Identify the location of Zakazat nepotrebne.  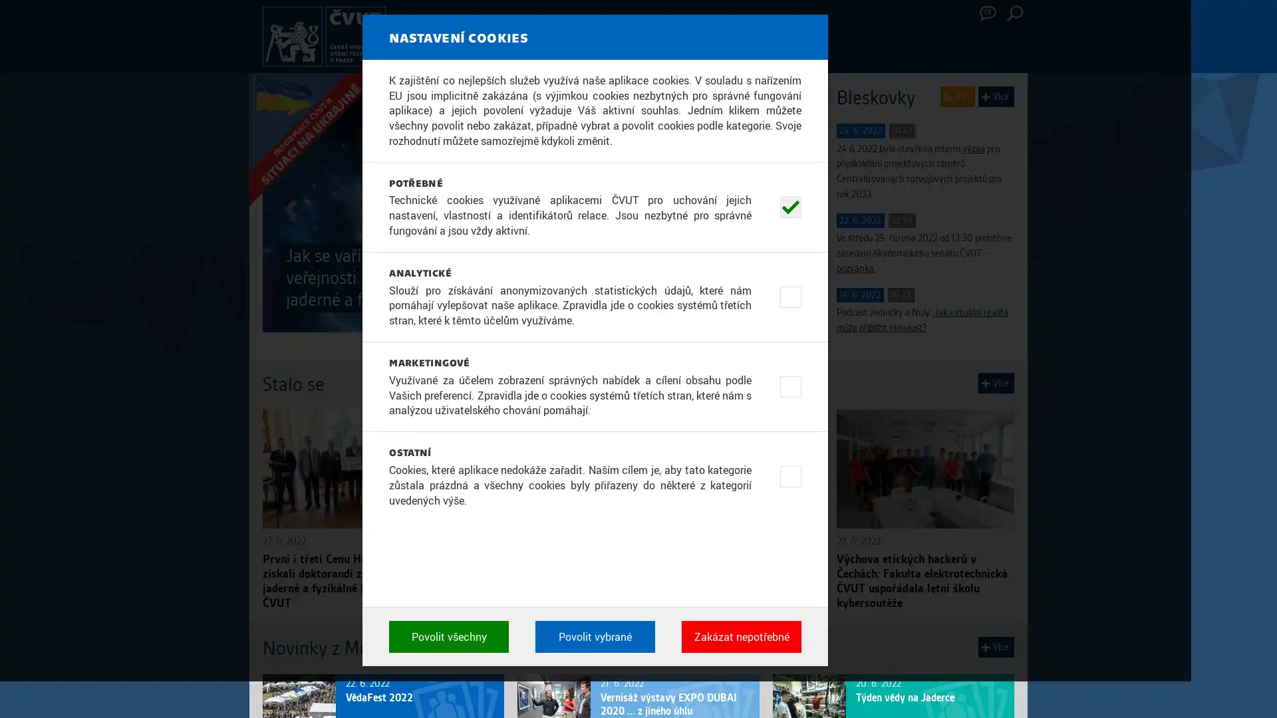
(785, 655).